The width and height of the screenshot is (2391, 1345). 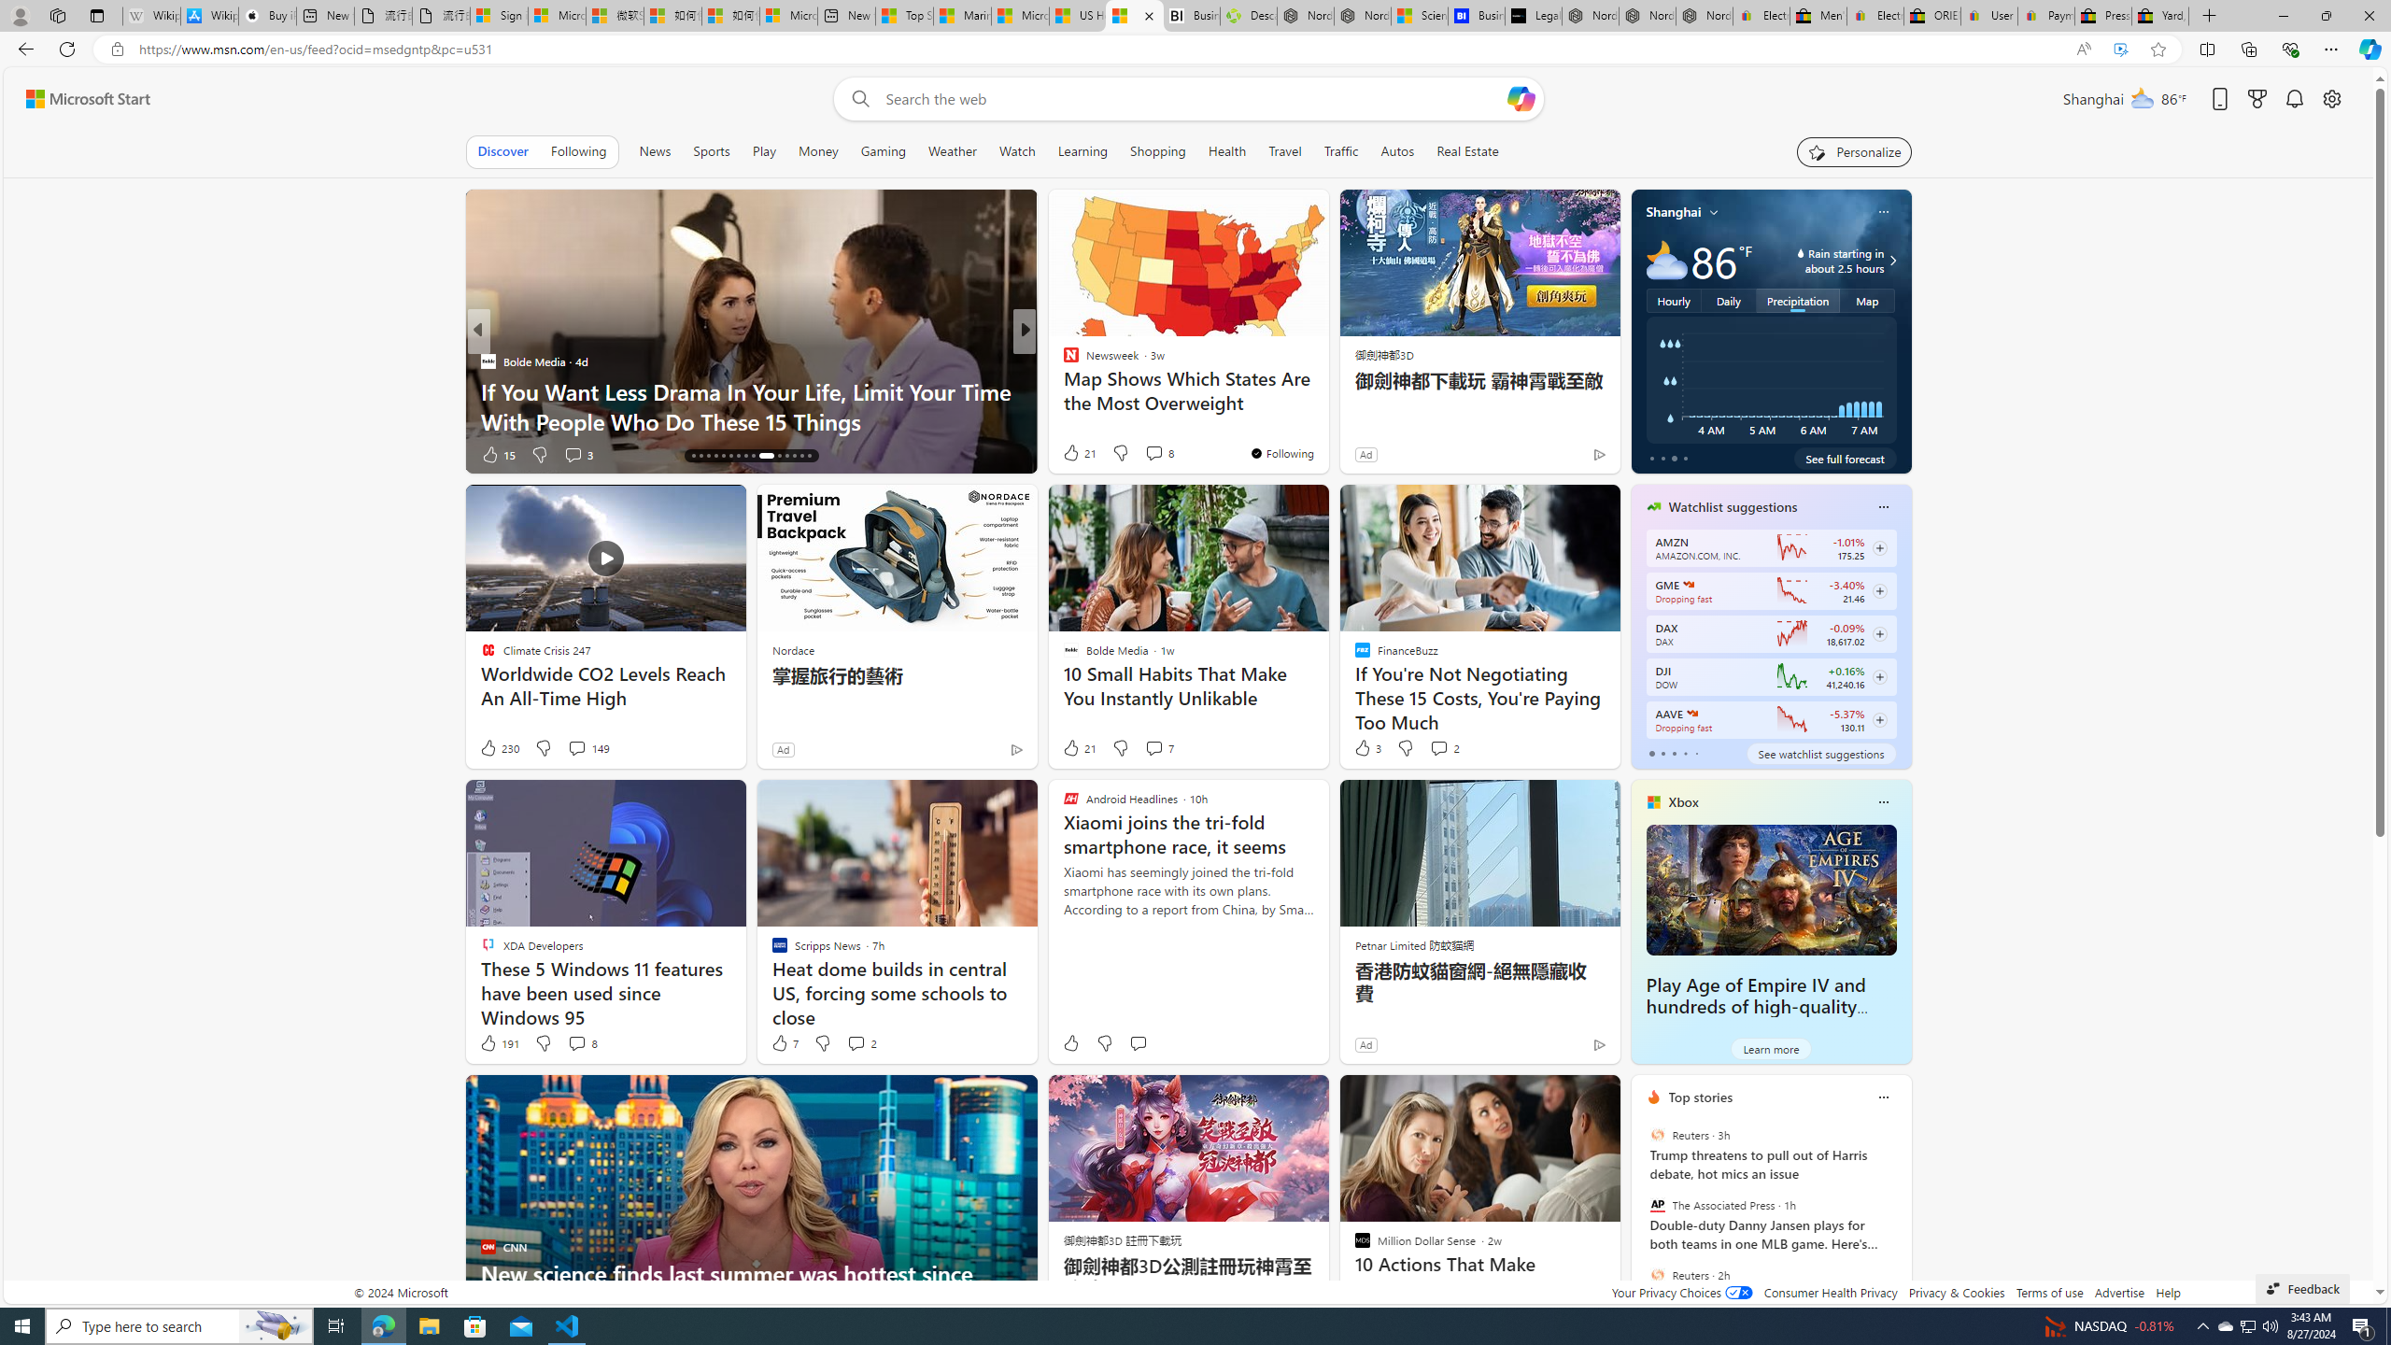 I want to click on 'Watchlist suggestions', so click(x=1733, y=505).